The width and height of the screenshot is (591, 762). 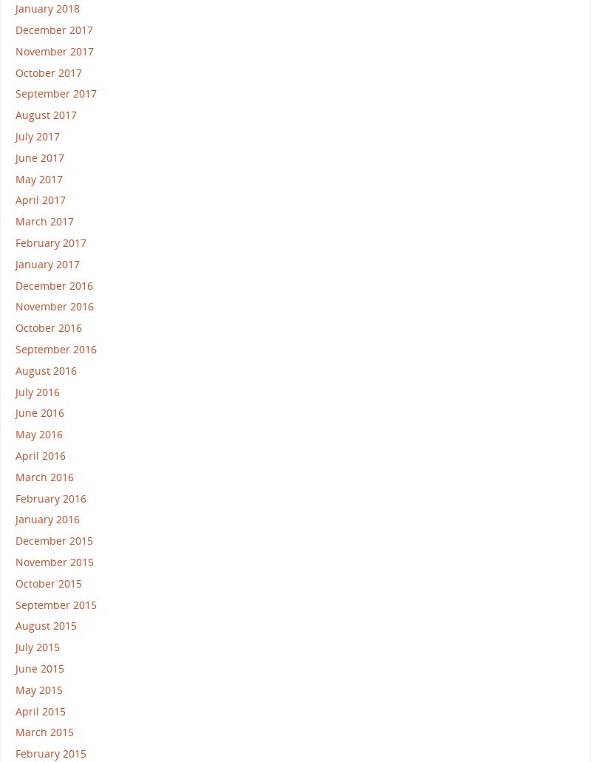 I want to click on 'August 2017', so click(x=45, y=114).